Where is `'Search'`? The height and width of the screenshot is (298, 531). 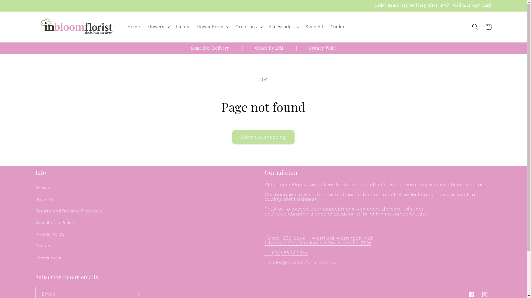
'Search' is located at coordinates (42, 188).